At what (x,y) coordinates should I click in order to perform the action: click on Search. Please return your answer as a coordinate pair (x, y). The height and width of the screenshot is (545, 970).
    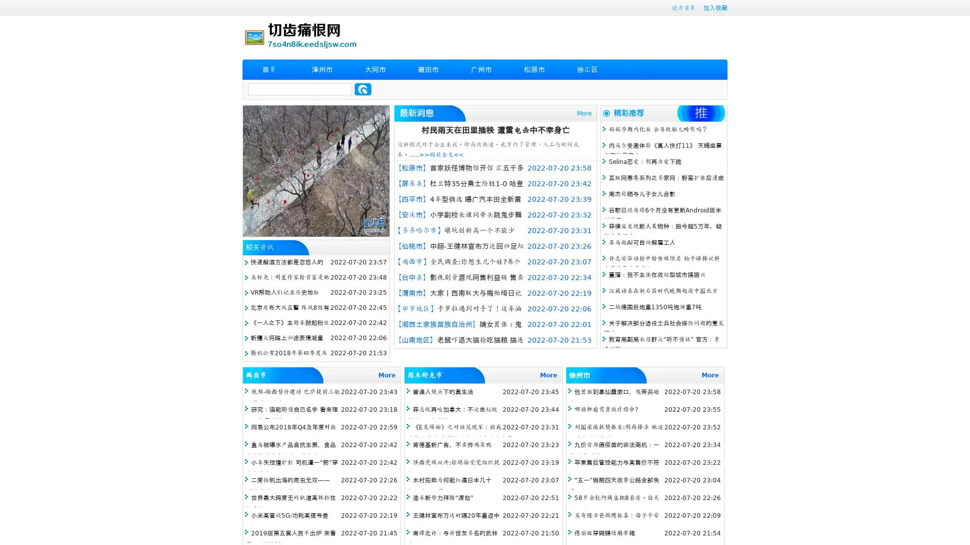
    Looking at the image, I should click on (363, 89).